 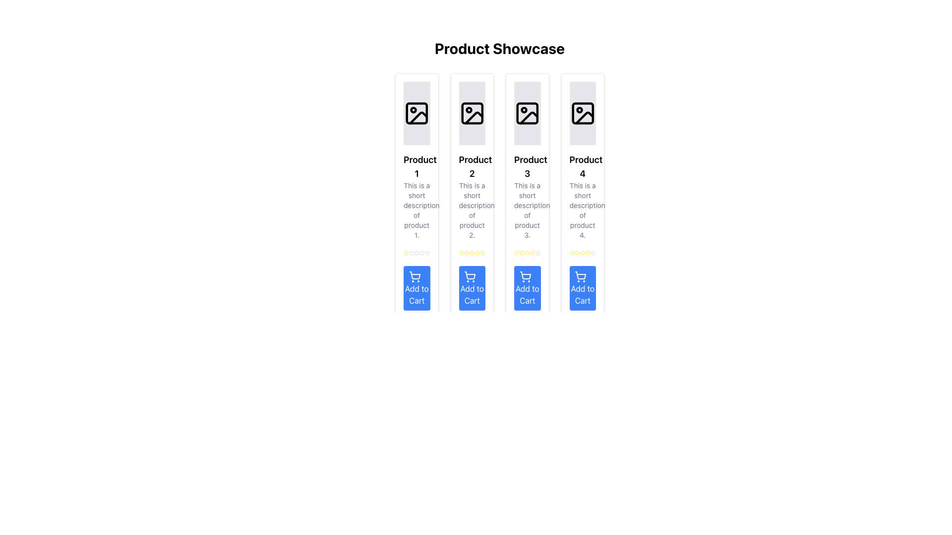 I want to click on the fifth rating star under 'Product 4', so click(x=588, y=252).